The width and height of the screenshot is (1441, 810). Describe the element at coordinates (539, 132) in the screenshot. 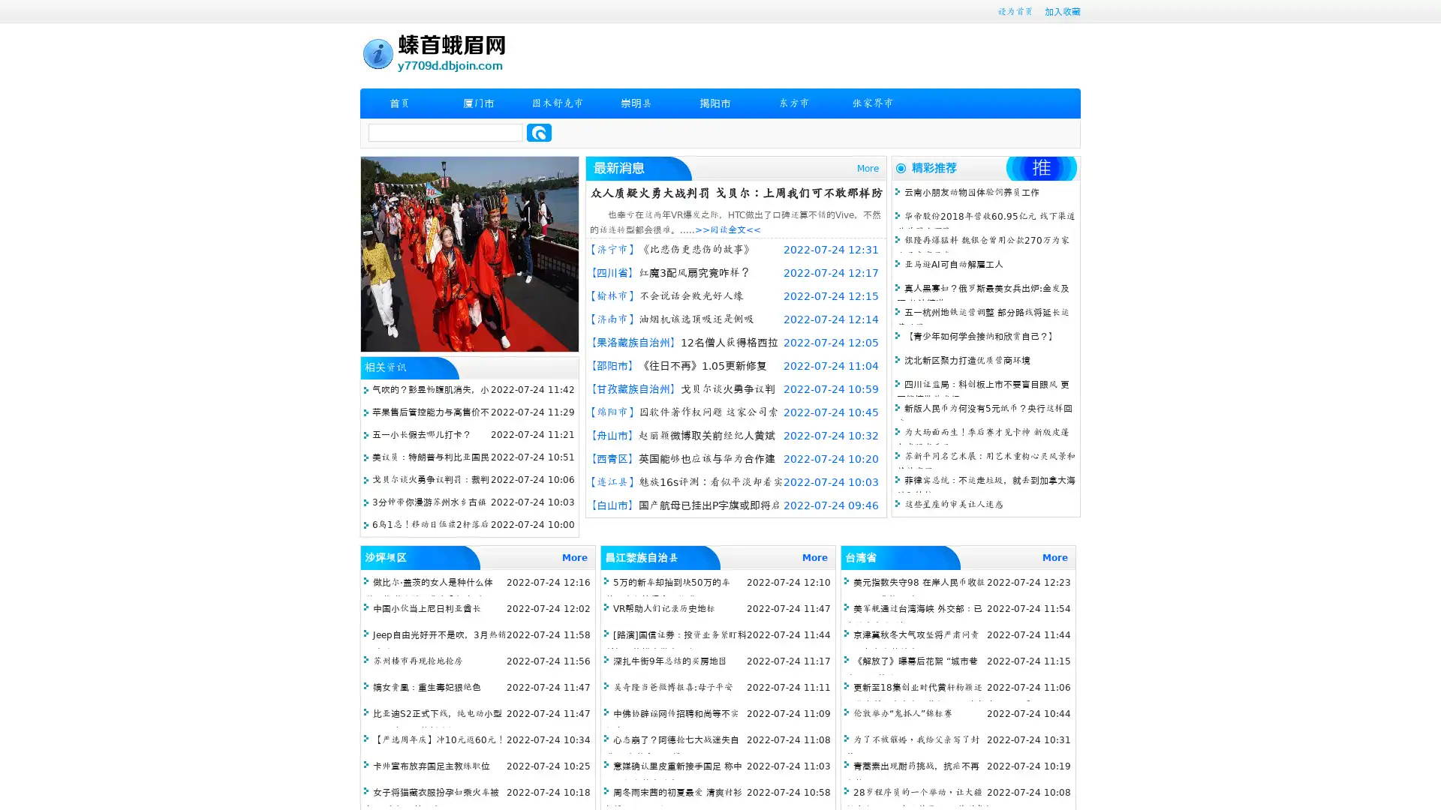

I see `Search` at that location.